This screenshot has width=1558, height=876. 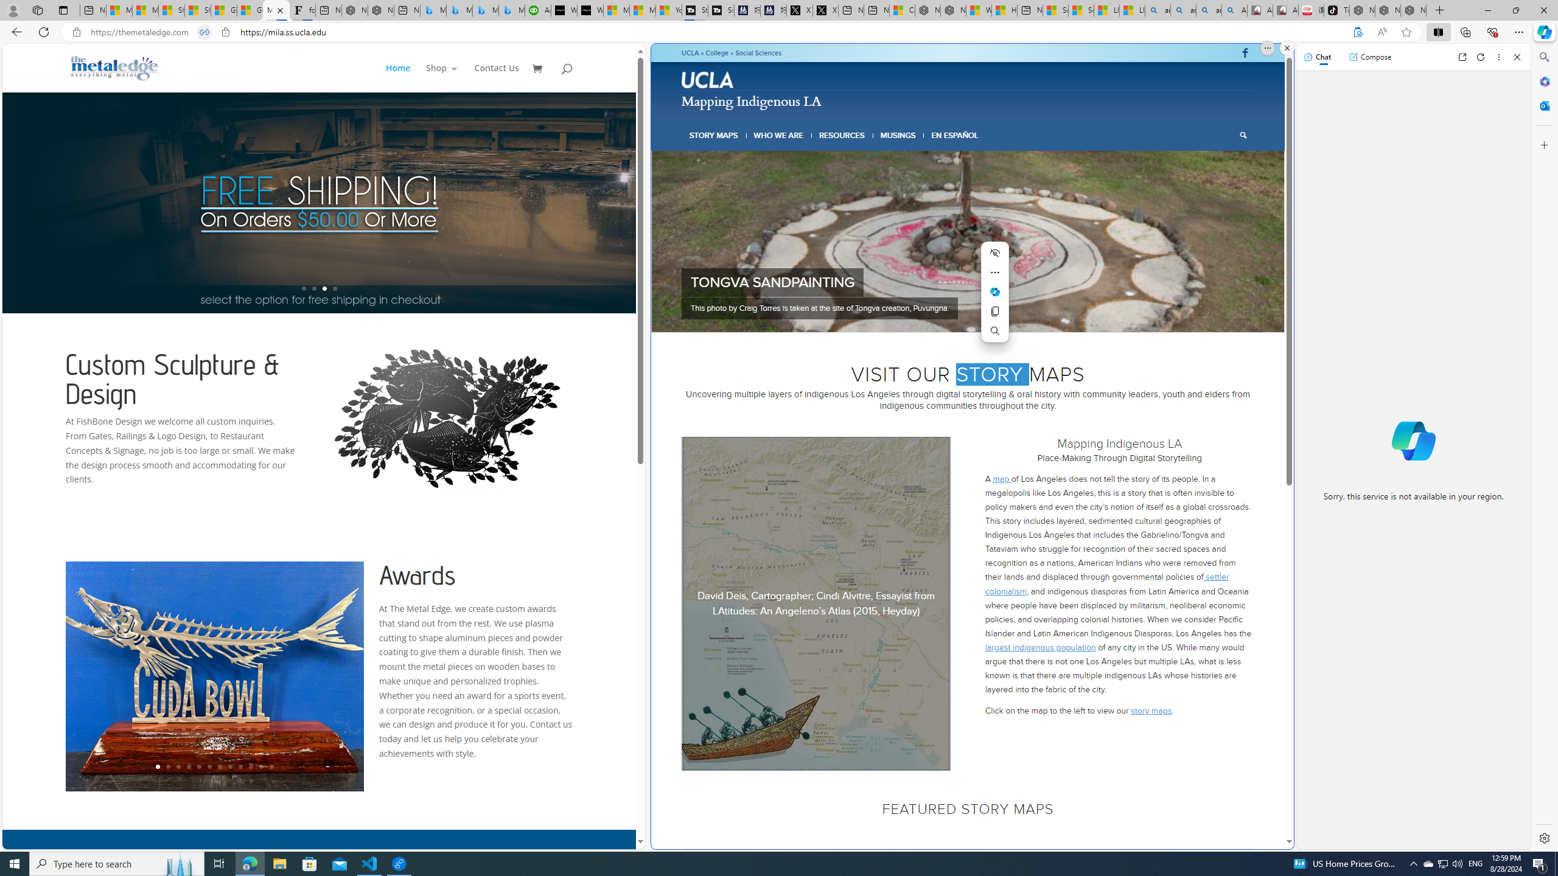 What do you see at coordinates (496, 77) in the screenshot?
I see `'Contact Us'` at bounding box center [496, 77].